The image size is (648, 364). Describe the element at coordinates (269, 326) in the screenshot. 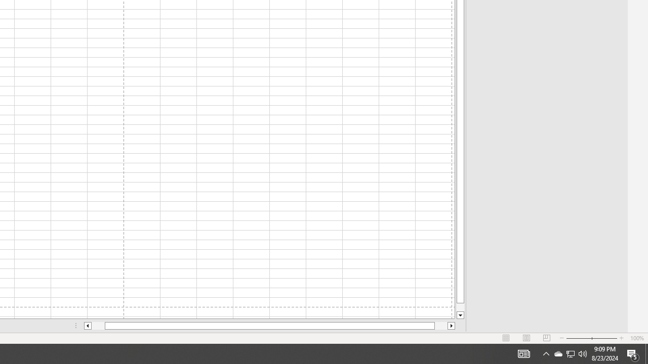

I see `'Class: NetUIScrollBar'` at that location.